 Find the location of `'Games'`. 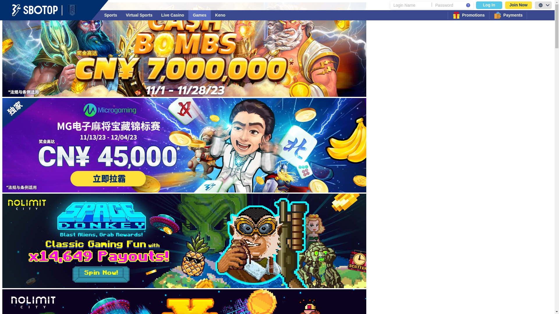

'Games' is located at coordinates (199, 15).